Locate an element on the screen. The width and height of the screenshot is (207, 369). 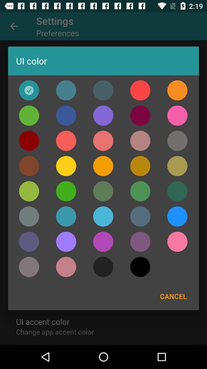
icon below the ui color is located at coordinates (28, 90).